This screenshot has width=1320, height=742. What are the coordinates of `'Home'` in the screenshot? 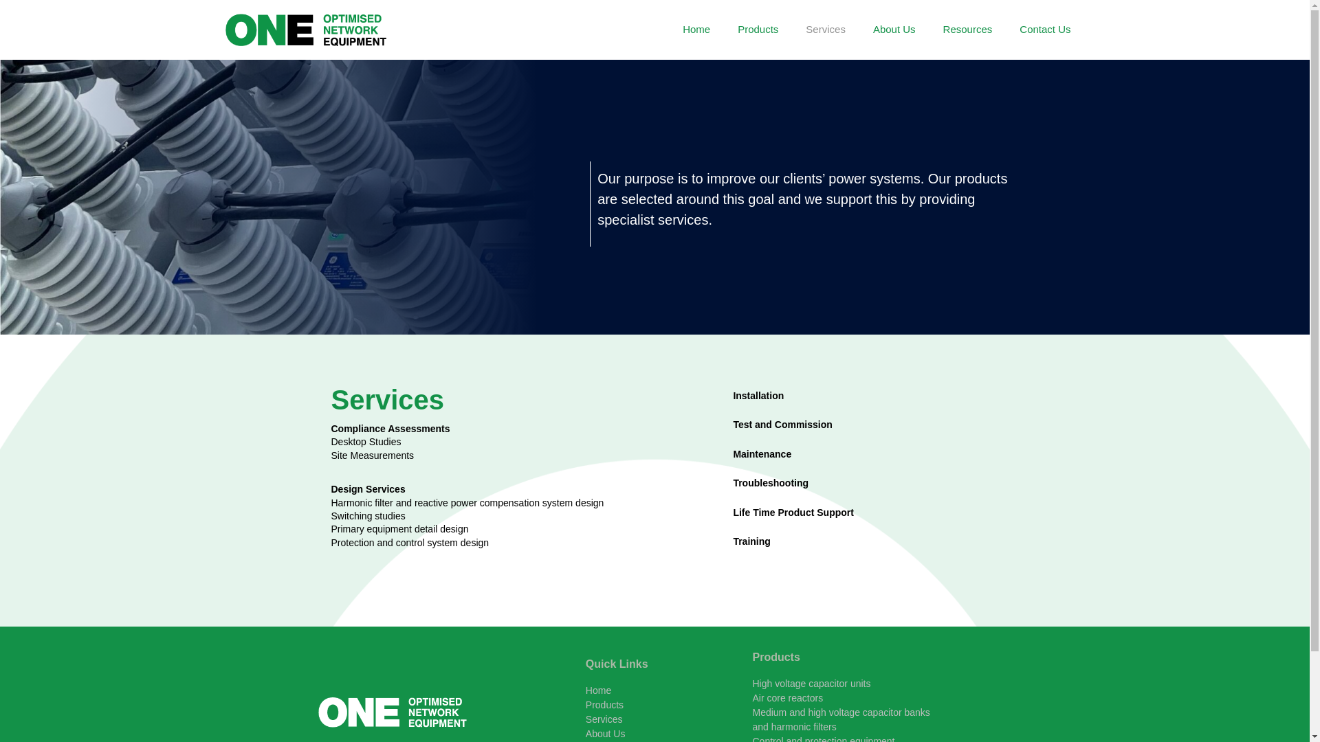 It's located at (598, 690).